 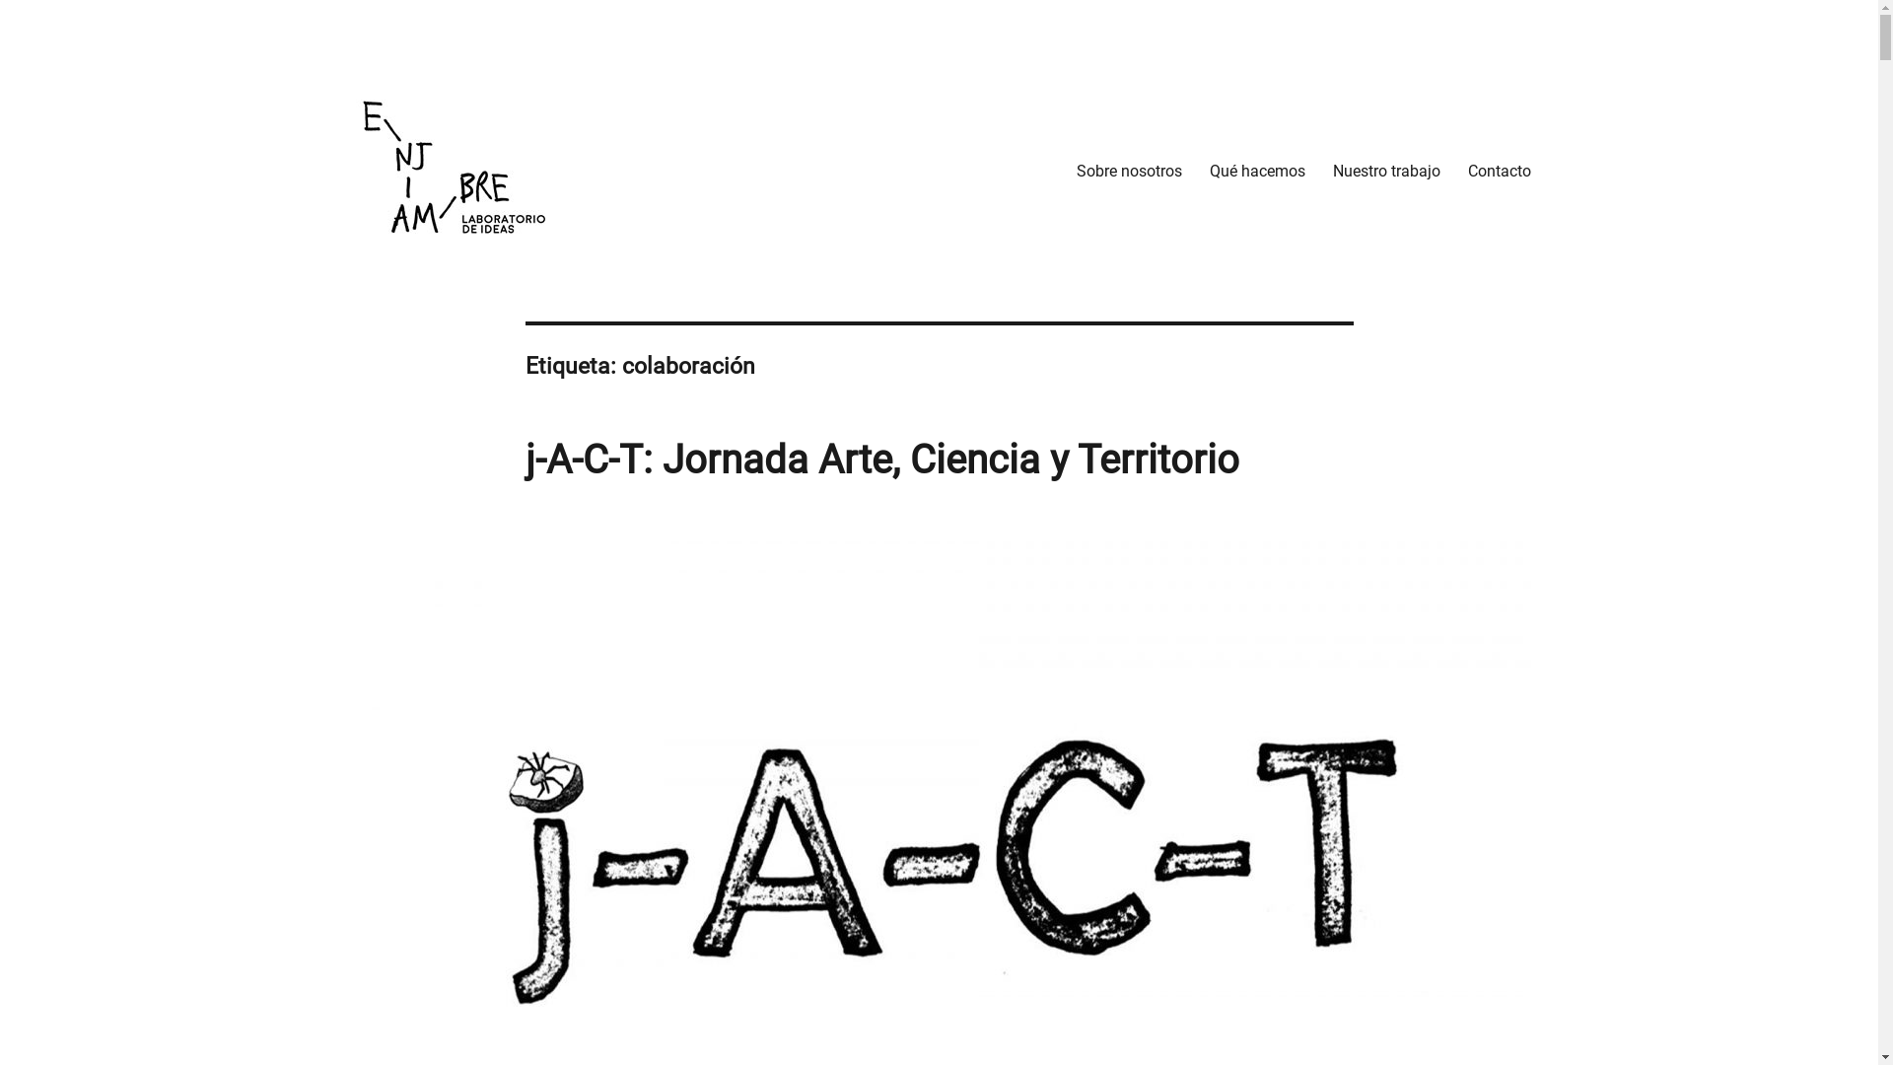 I want to click on 'Nuestro trabajo', so click(x=1385, y=170).